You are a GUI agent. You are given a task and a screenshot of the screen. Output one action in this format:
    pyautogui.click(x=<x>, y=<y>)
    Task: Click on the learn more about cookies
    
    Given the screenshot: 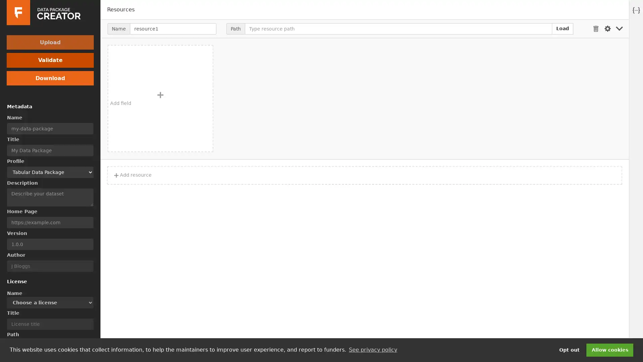 What is the action you would take?
    pyautogui.click(x=372, y=350)
    